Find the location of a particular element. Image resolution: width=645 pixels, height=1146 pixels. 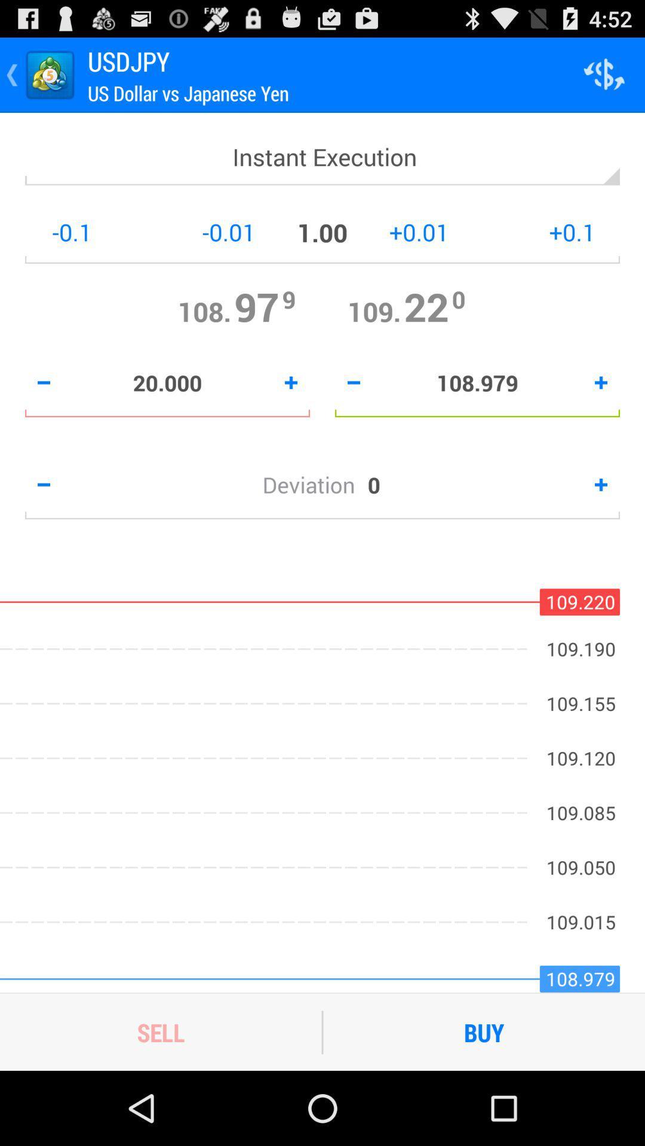

the  sign which is next to the deviation 0 is located at coordinates (601, 485).